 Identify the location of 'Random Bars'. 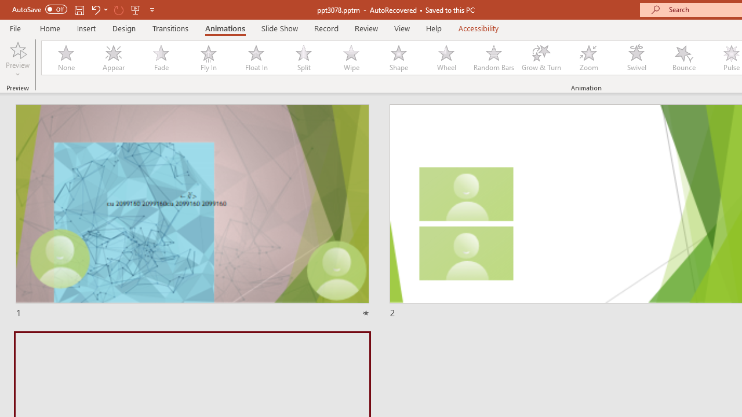
(494, 58).